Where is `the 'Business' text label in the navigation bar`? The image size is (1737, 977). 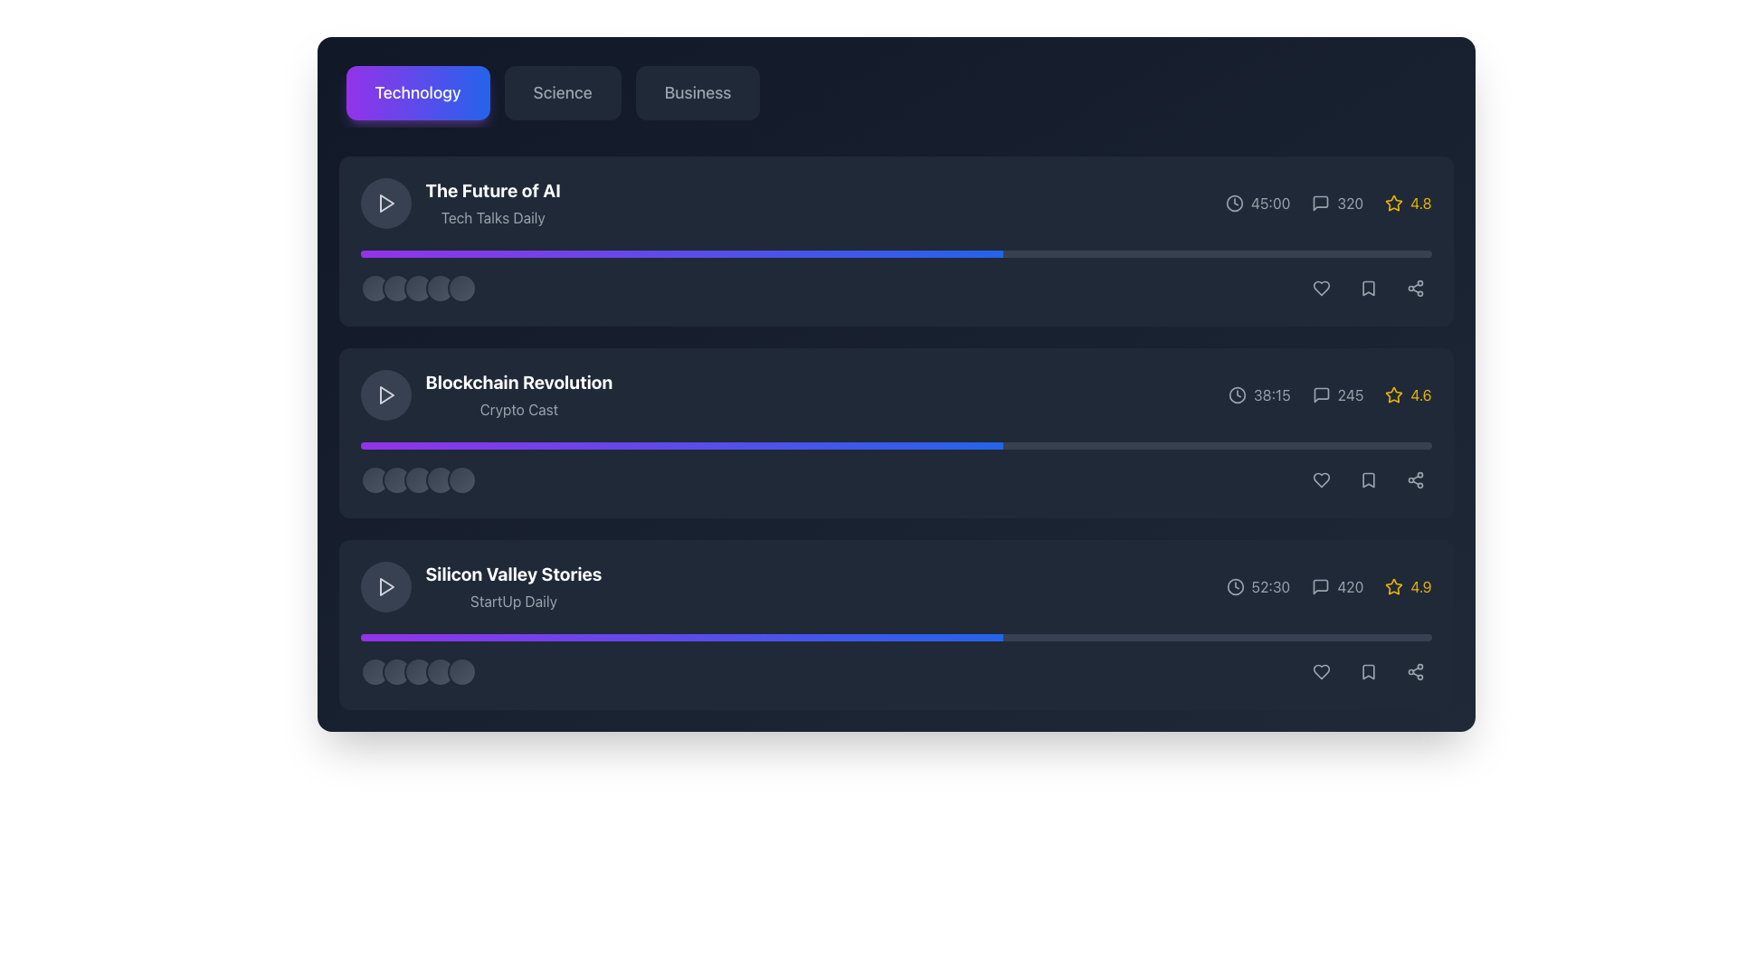 the 'Business' text label in the navigation bar is located at coordinates (697, 93).